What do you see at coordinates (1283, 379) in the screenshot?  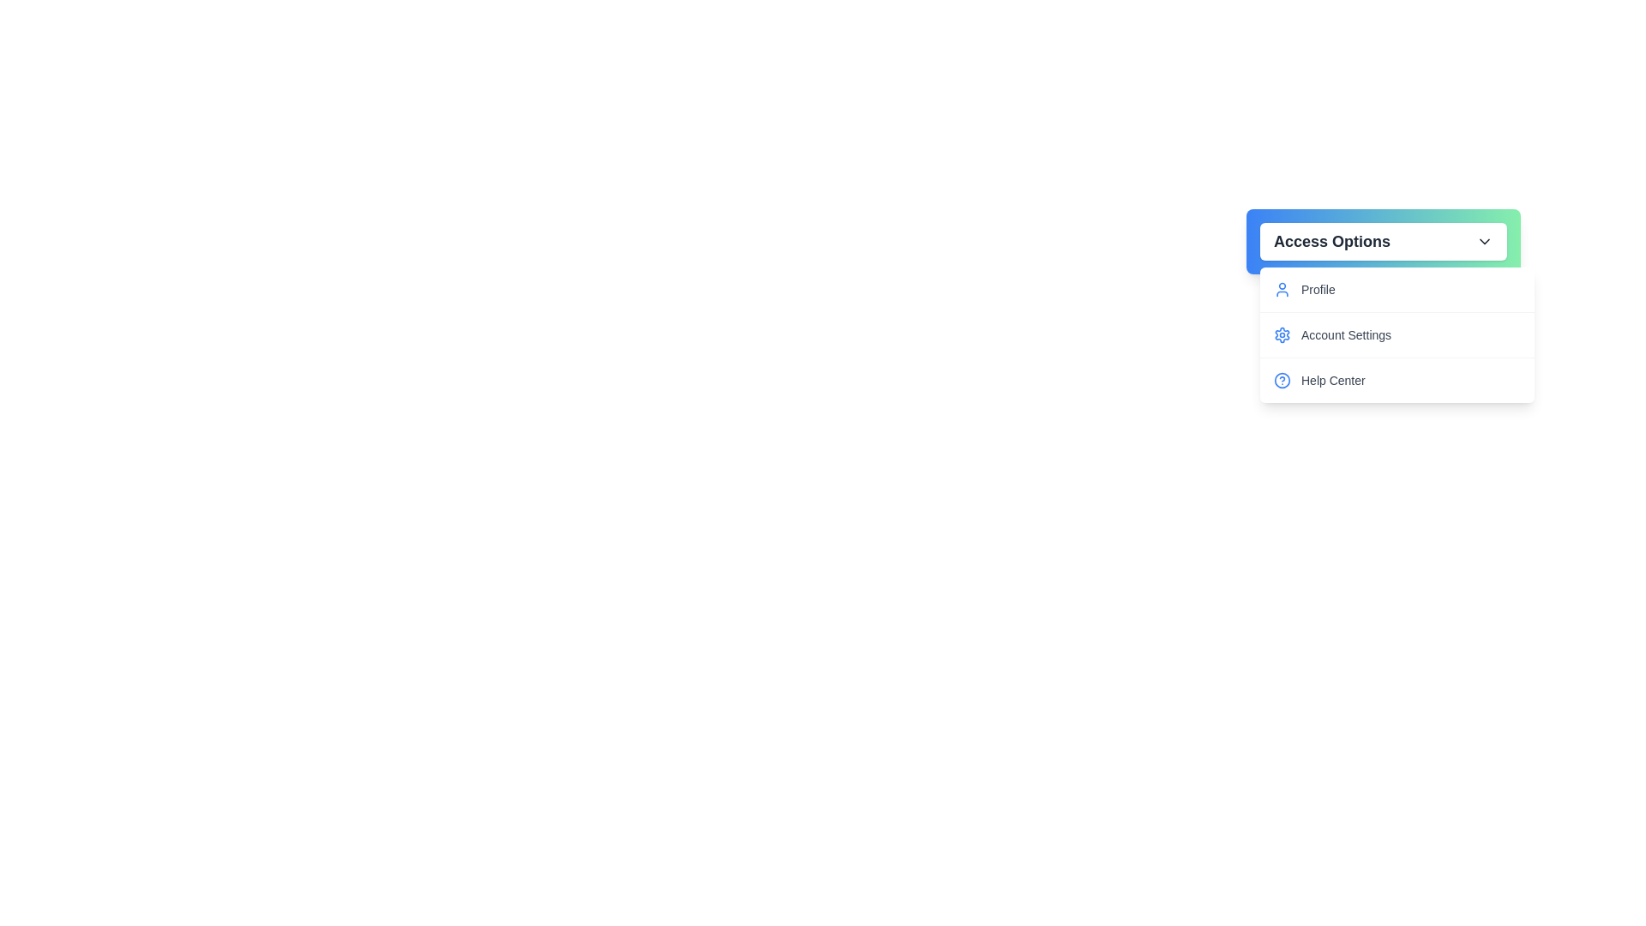 I see `the 'Help Center' icon, which is the first element` at bounding box center [1283, 379].